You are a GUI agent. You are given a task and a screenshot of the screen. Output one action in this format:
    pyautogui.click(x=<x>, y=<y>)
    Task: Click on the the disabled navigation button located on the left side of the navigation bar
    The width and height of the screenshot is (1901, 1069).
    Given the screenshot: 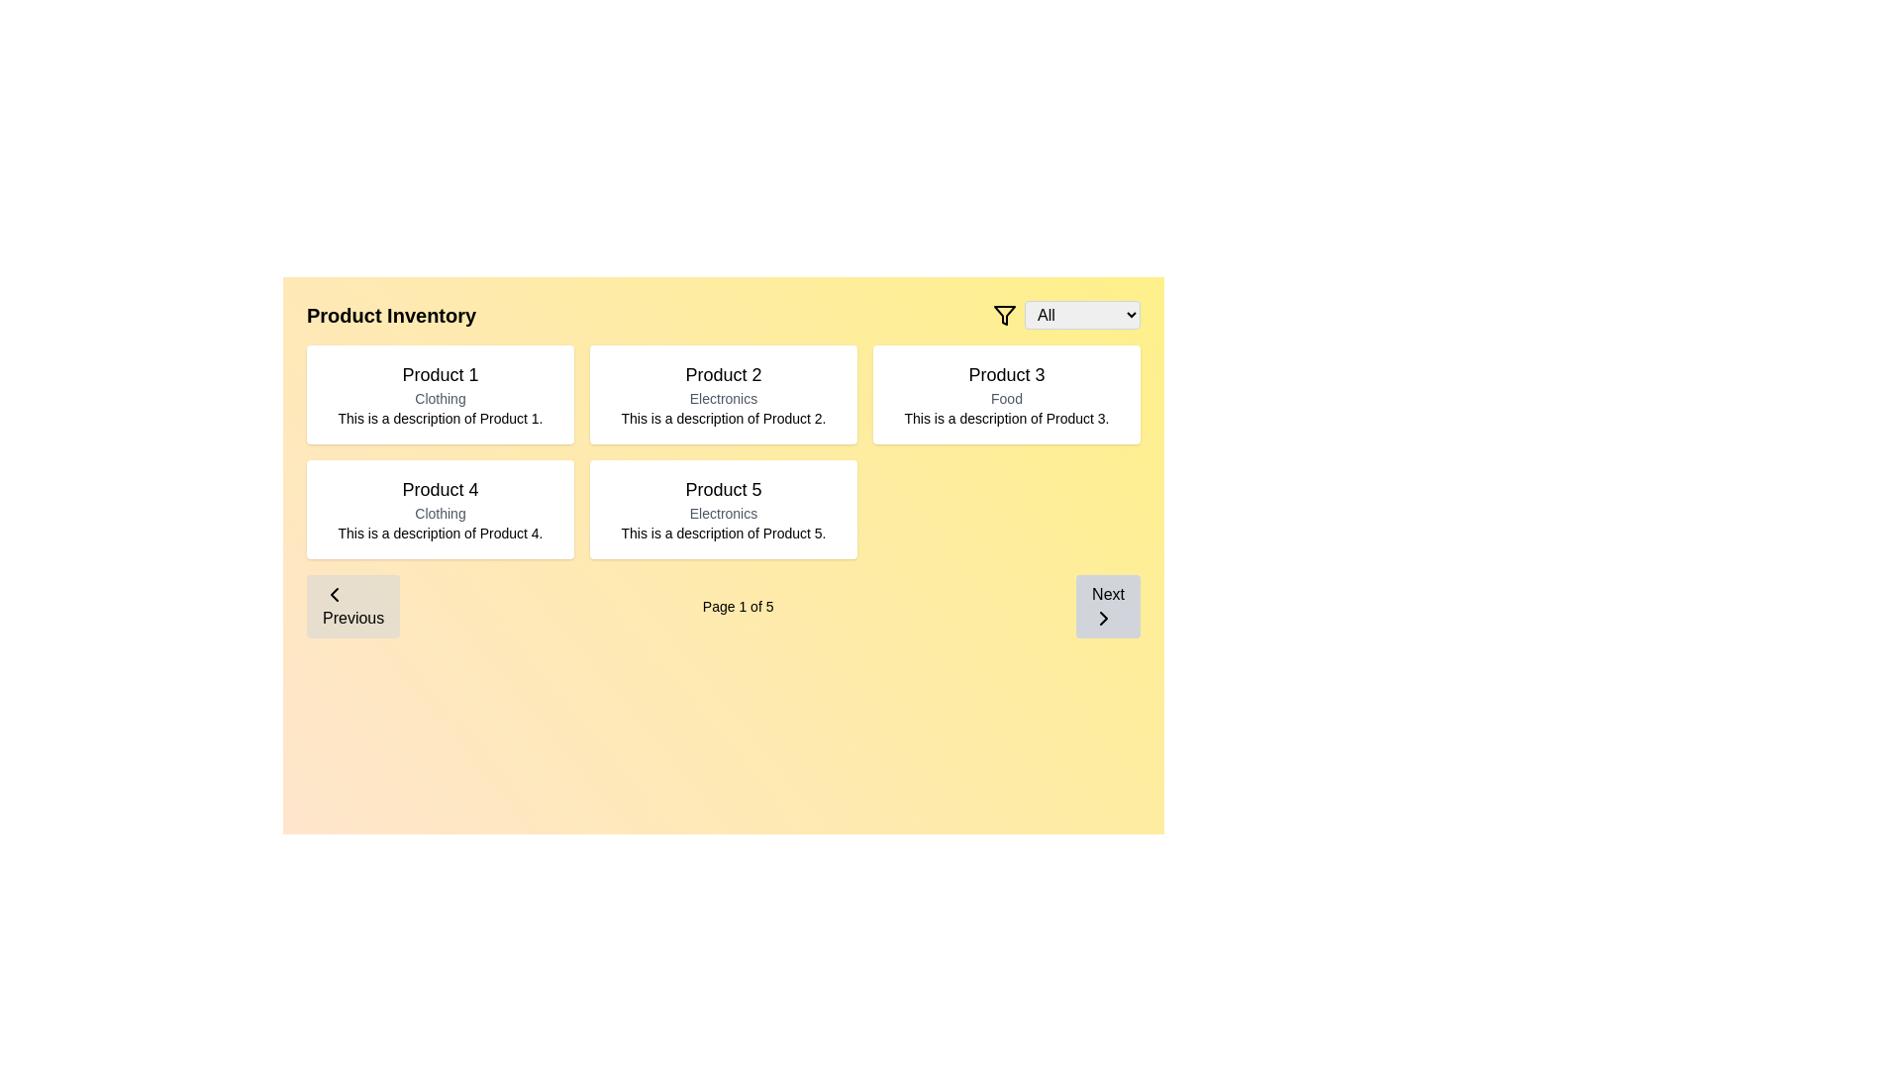 What is the action you would take?
    pyautogui.click(x=353, y=606)
    